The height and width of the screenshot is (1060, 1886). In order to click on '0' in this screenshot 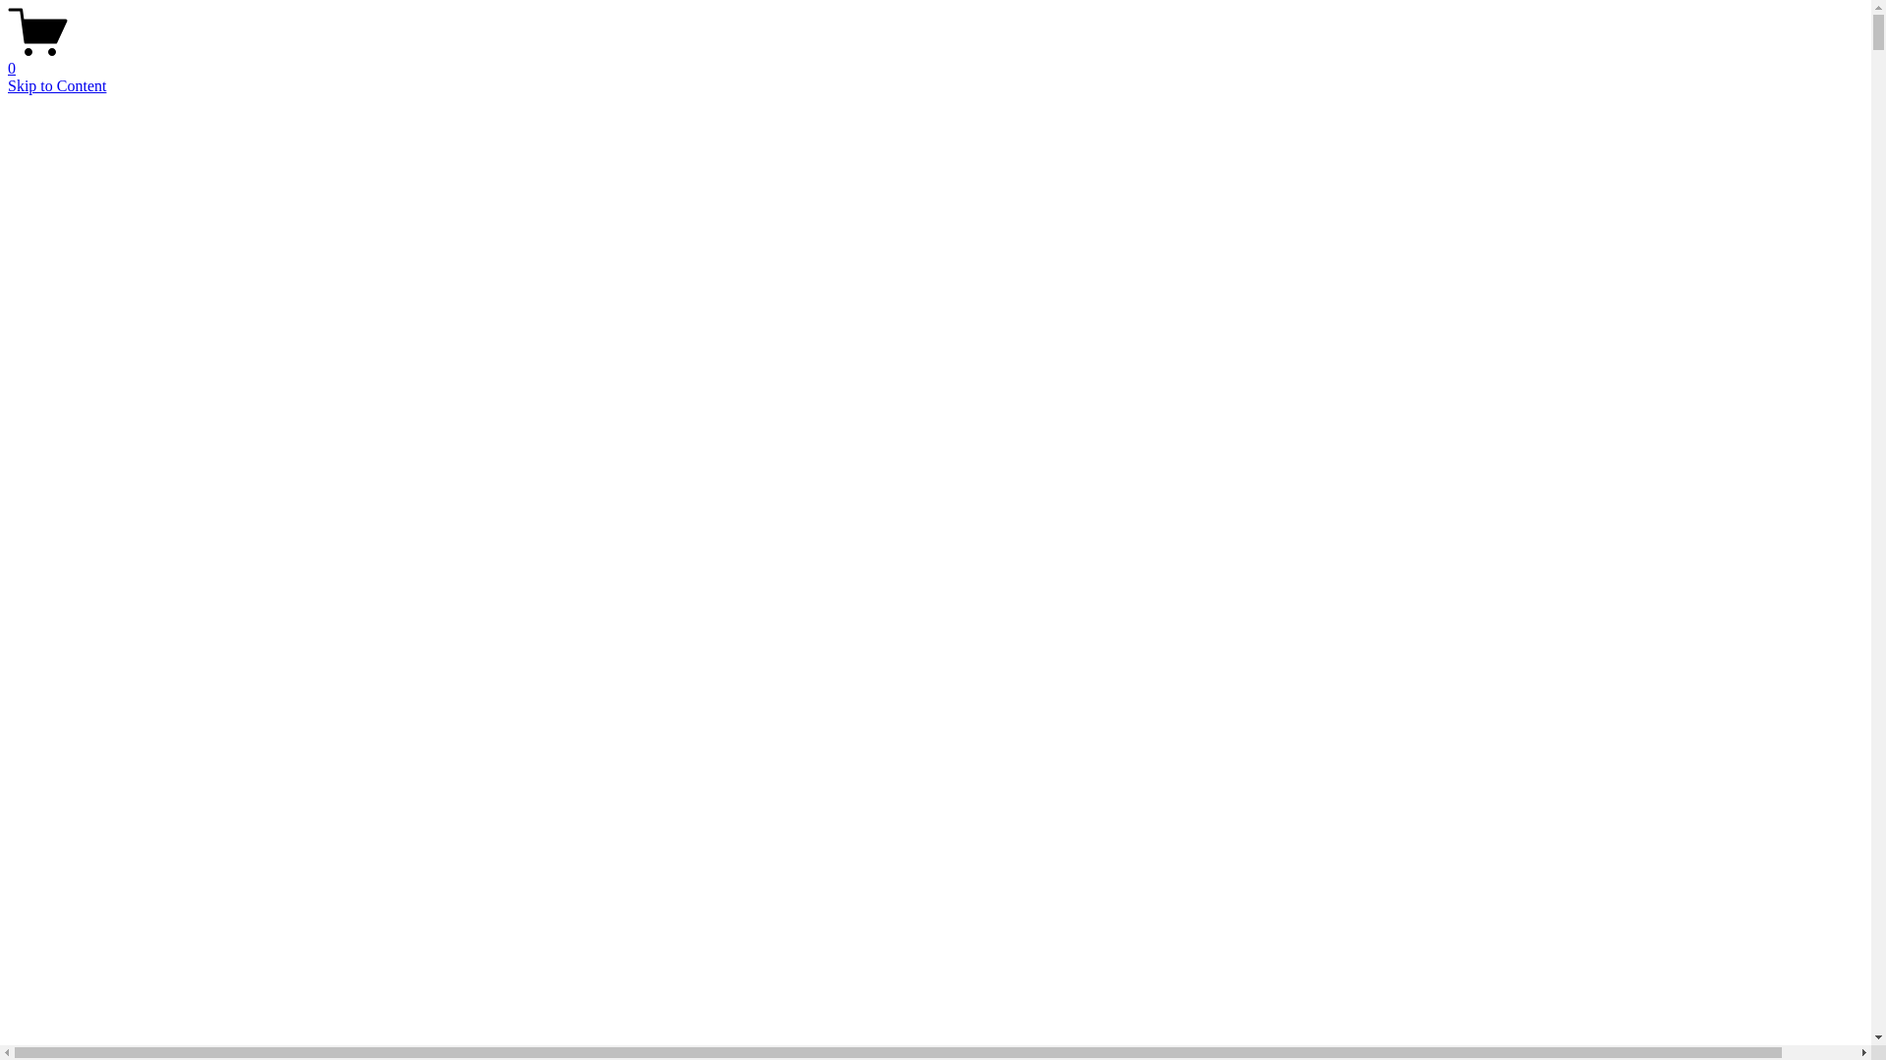, I will do `click(934, 59)`.